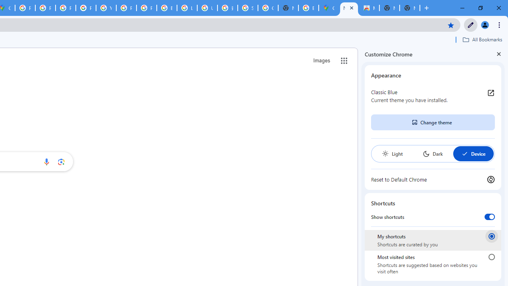  What do you see at coordinates (106, 8) in the screenshot?
I see `'YouTube'` at bounding box center [106, 8].